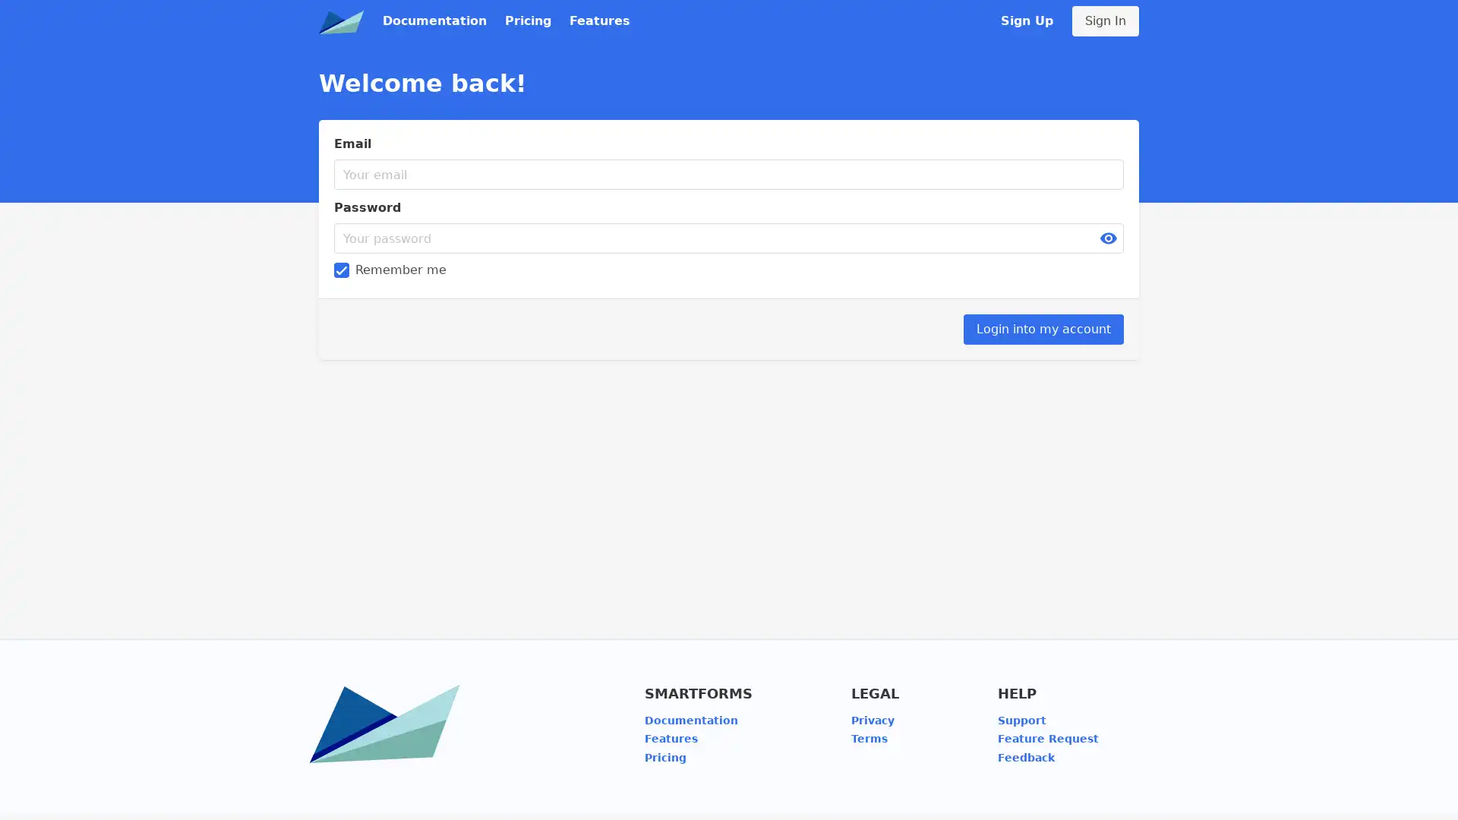 This screenshot has height=820, width=1458. I want to click on Login into my account, so click(1043, 329).